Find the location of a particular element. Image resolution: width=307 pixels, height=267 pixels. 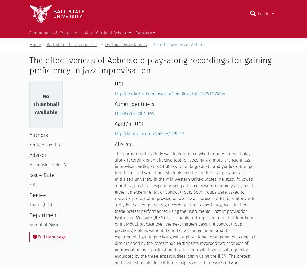

'Flack, Michael A.' is located at coordinates (45, 144).